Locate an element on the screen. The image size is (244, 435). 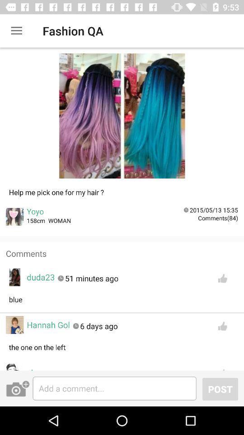
to take images is located at coordinates (18, 388).